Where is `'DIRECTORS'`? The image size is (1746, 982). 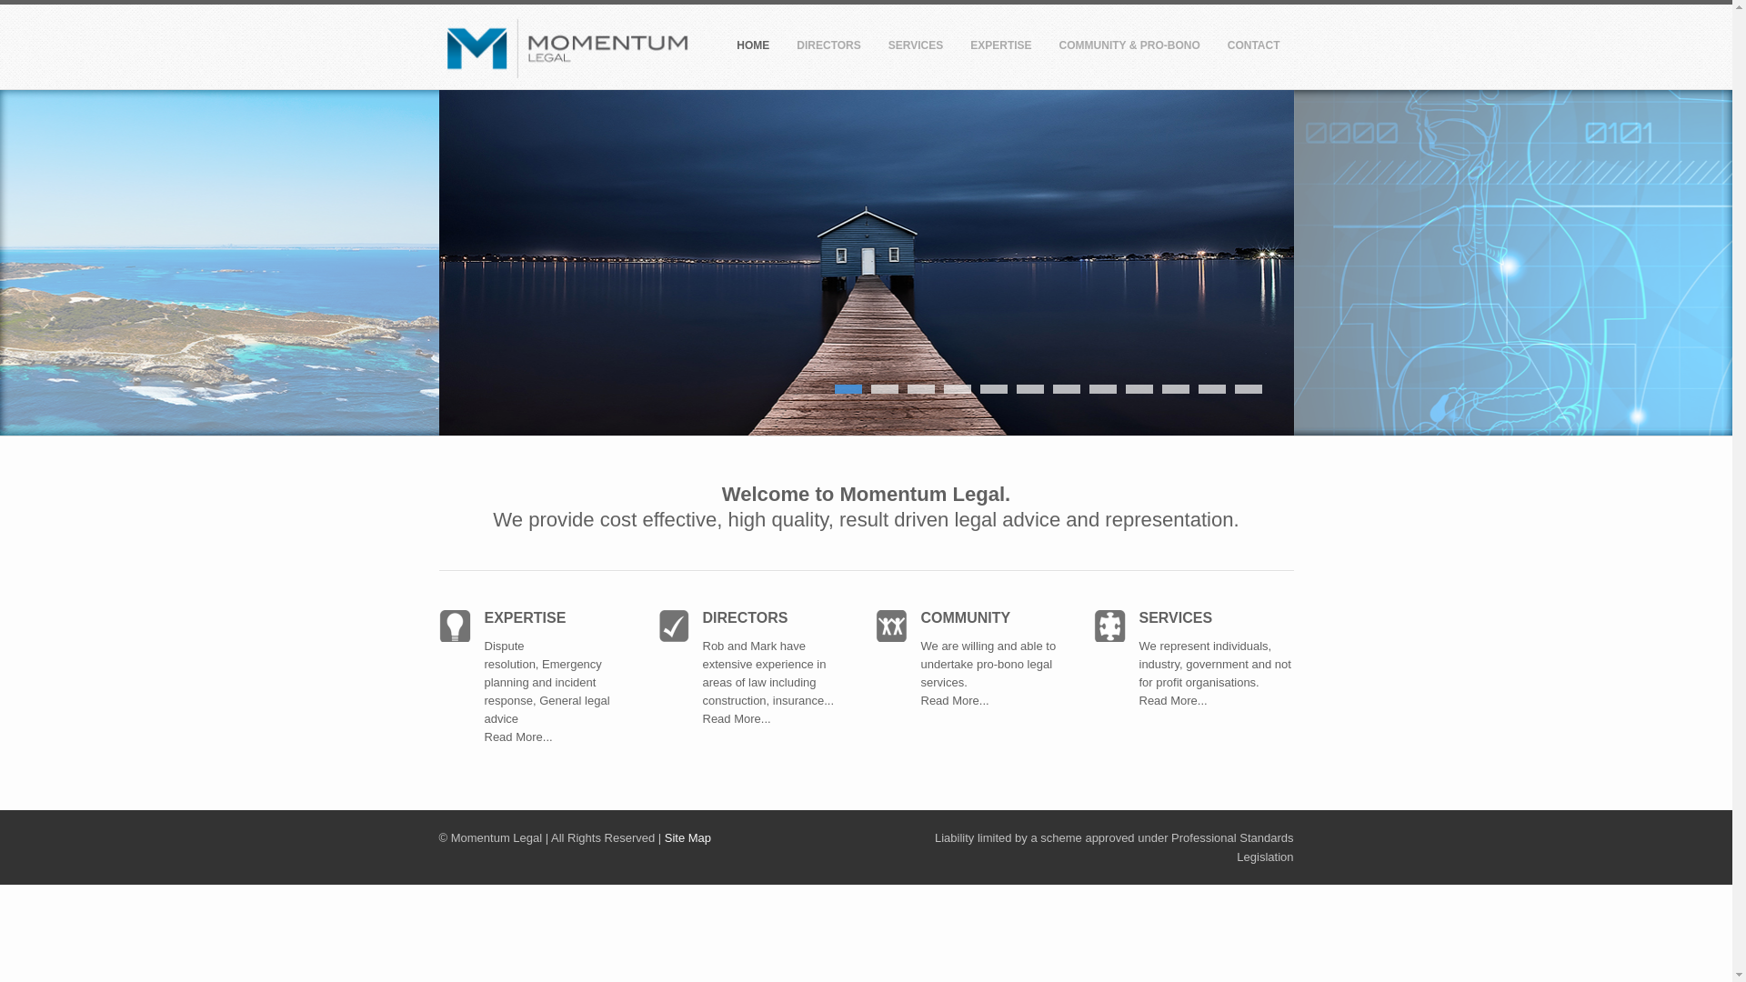
'DIRECTORS' is located at coordinates (828, 48).